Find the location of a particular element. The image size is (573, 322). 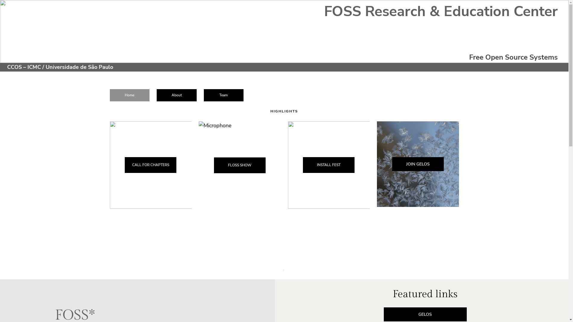

'Team' is located at coordinates (204, 95).